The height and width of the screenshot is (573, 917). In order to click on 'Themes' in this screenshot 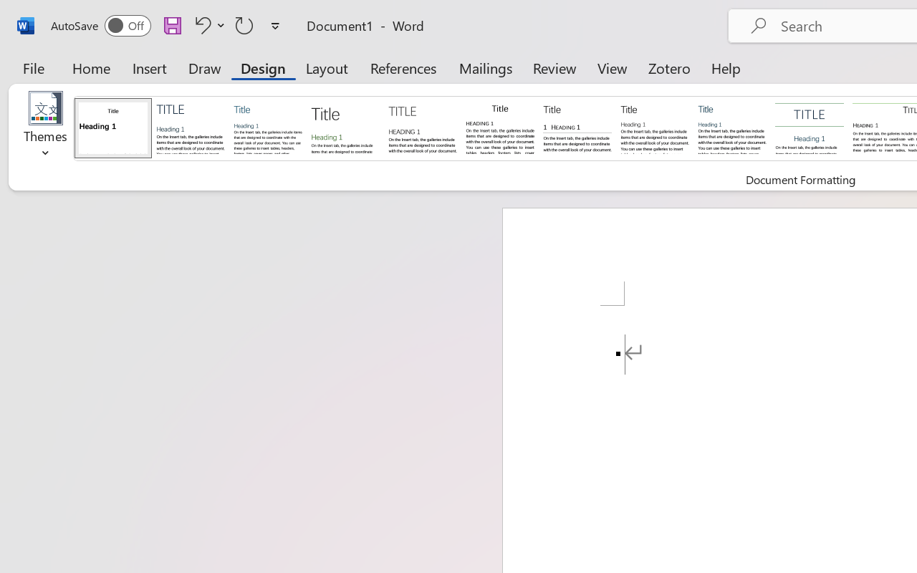, I will do `click(46, 128)`.